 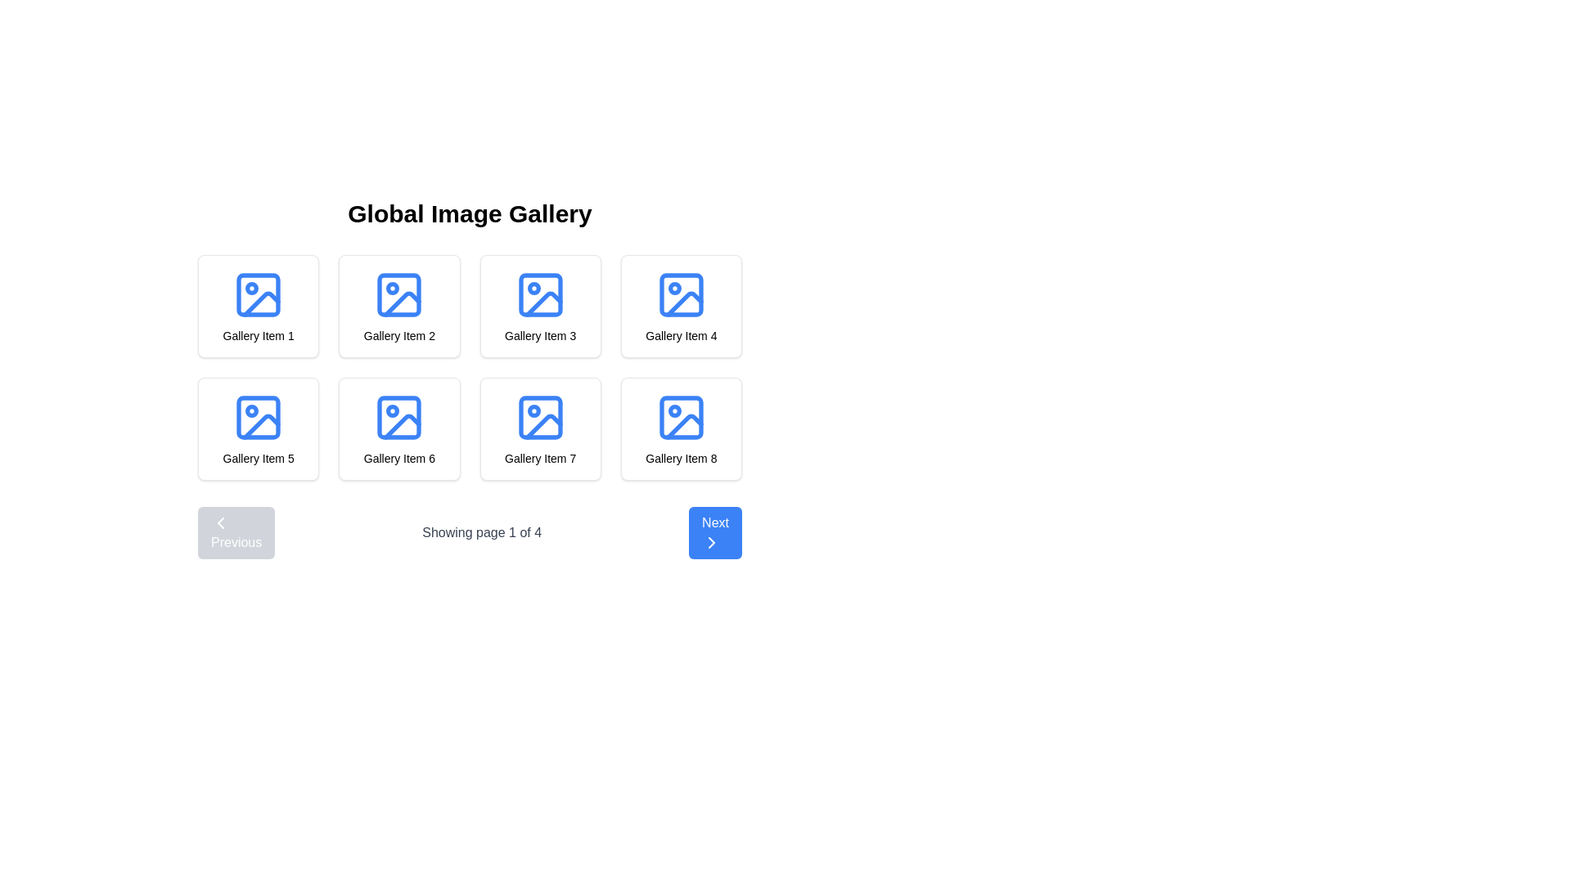 What do you see at coordinates (481, 532) in the screenshot?
I see `the static text label that displays the current page number and total number of pages, located between the 'Previous' and 'Next' buttons` at bounding box center [481, 532].